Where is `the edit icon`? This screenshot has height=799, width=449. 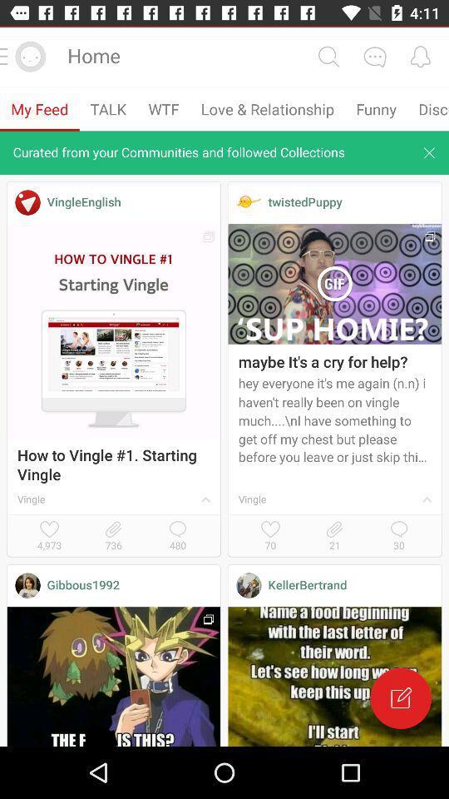
the edit icon is located at coordinates (400, 698).